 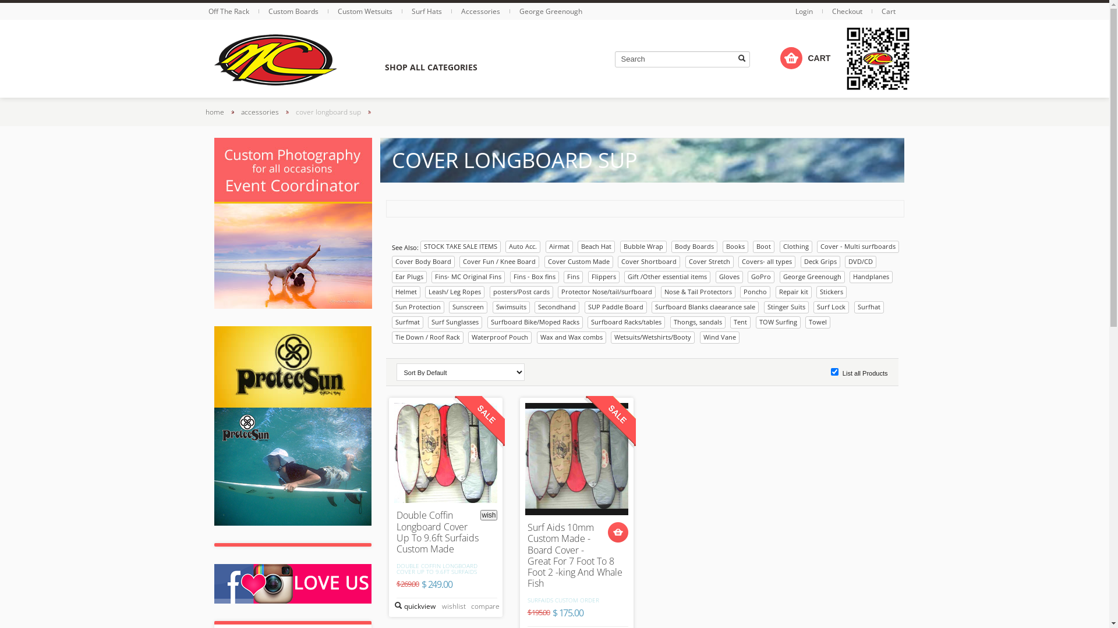 I want to click on 'Cover Shortboard', so click(x=648, y=262).